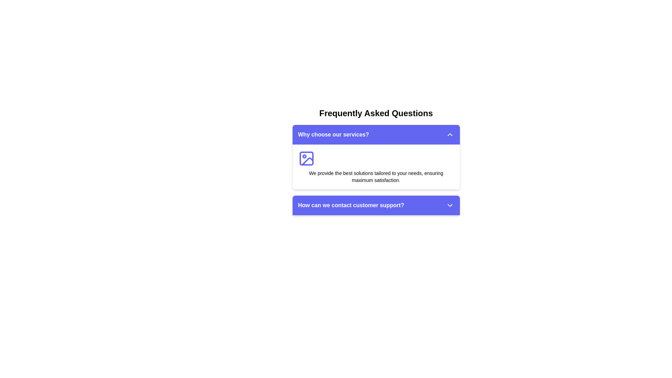 This screenshot has width=672, height=378. Describe the element at coordinates (376, 113) in the screenshot. I see `the centered, bolded text block that says 'Frequently Asked Questions', which is positioned at the top of its section` at that location.